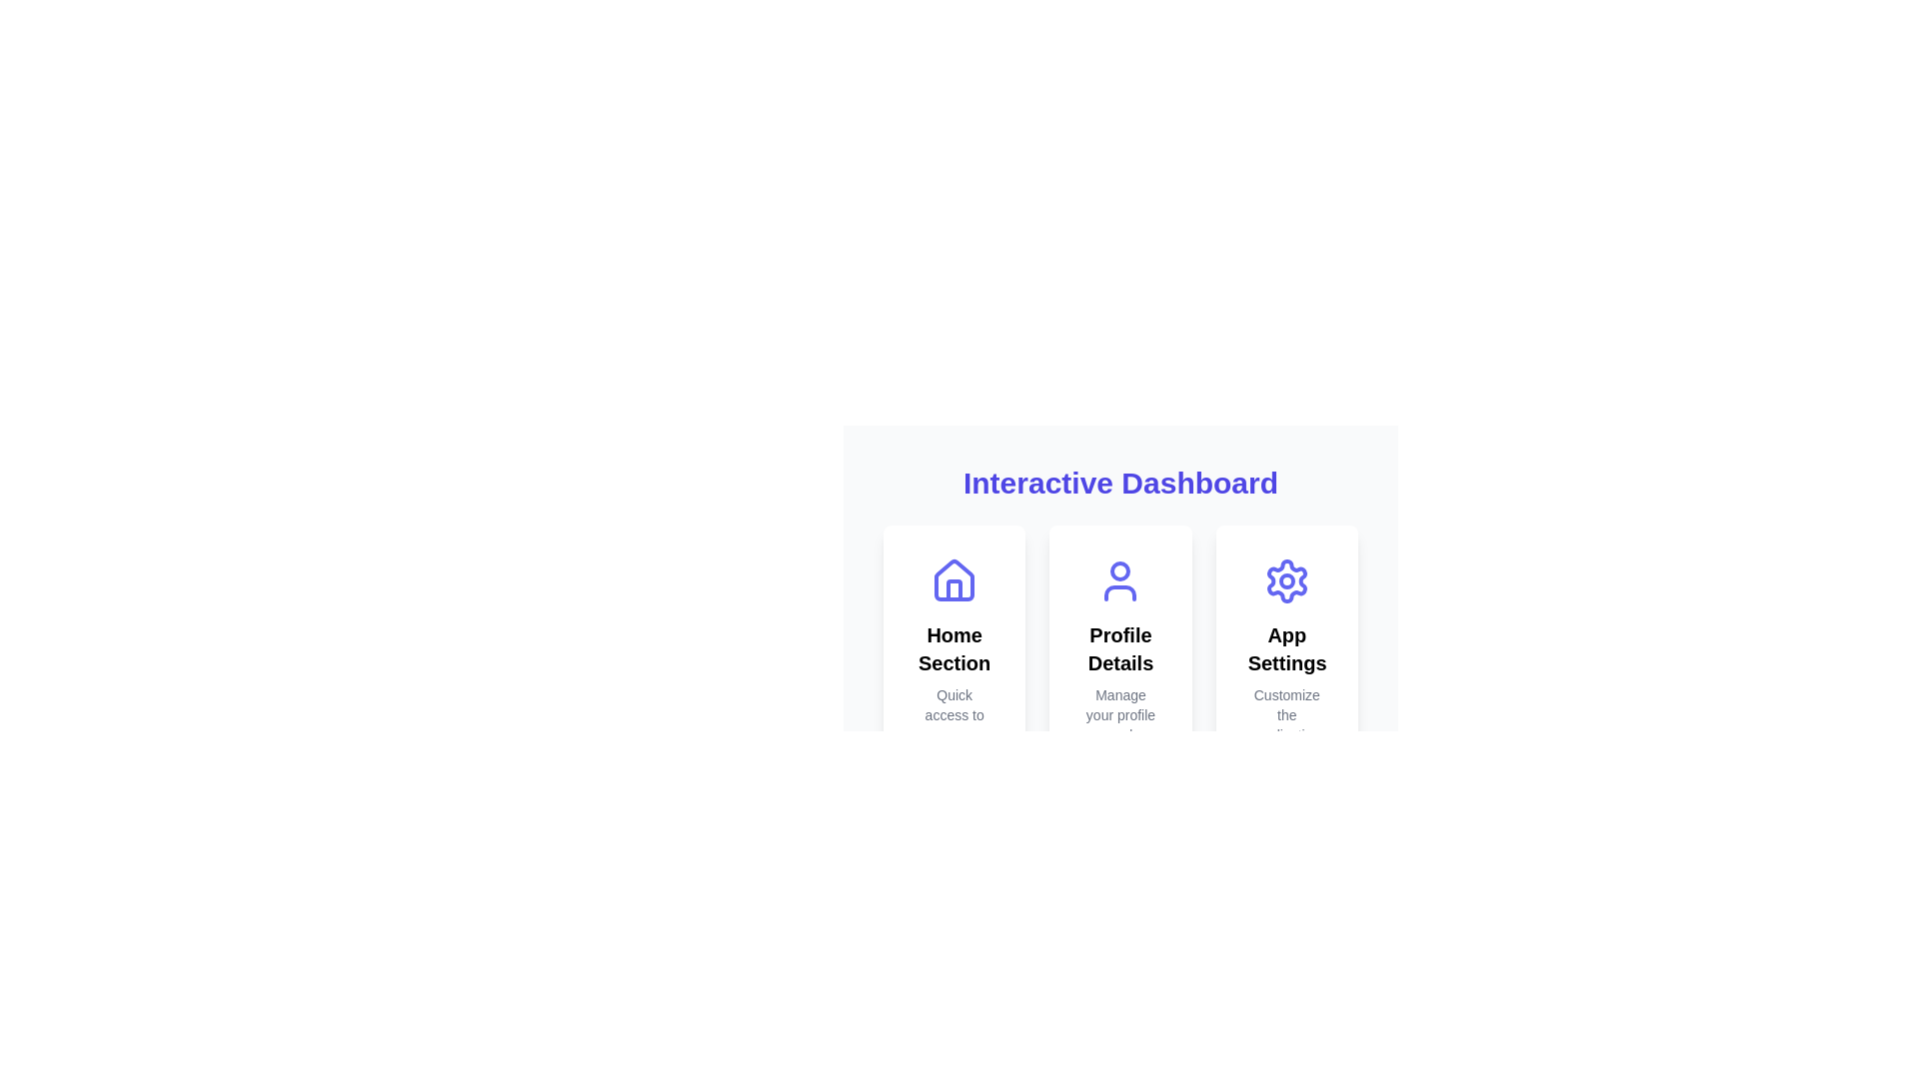 The width and height of the screenshot is (1919, 1079). What do you see at coordinates (954, 581) in the screenshot?
I see `the 'Home Section' icon located at the top part of the leftmost card in the 'Interactive Dashboard'` at bounding box center [954, 581].